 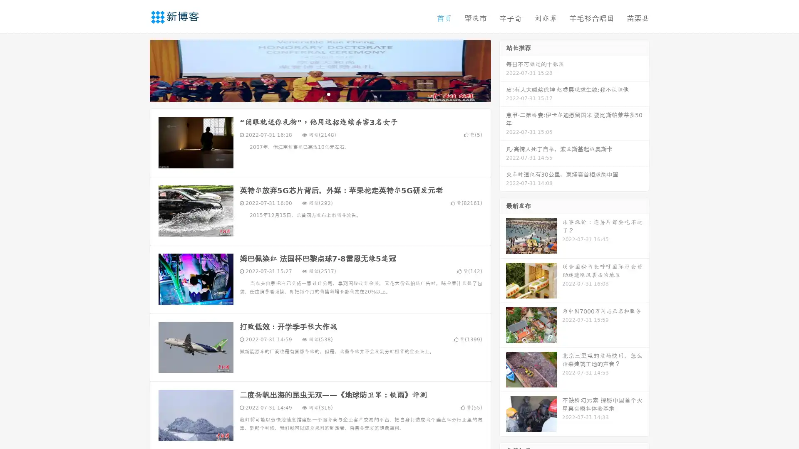 What do you see at coordinates (328, 94) in the screenshot?
I see `Go to slide 3` at bounding box center [328, 94].